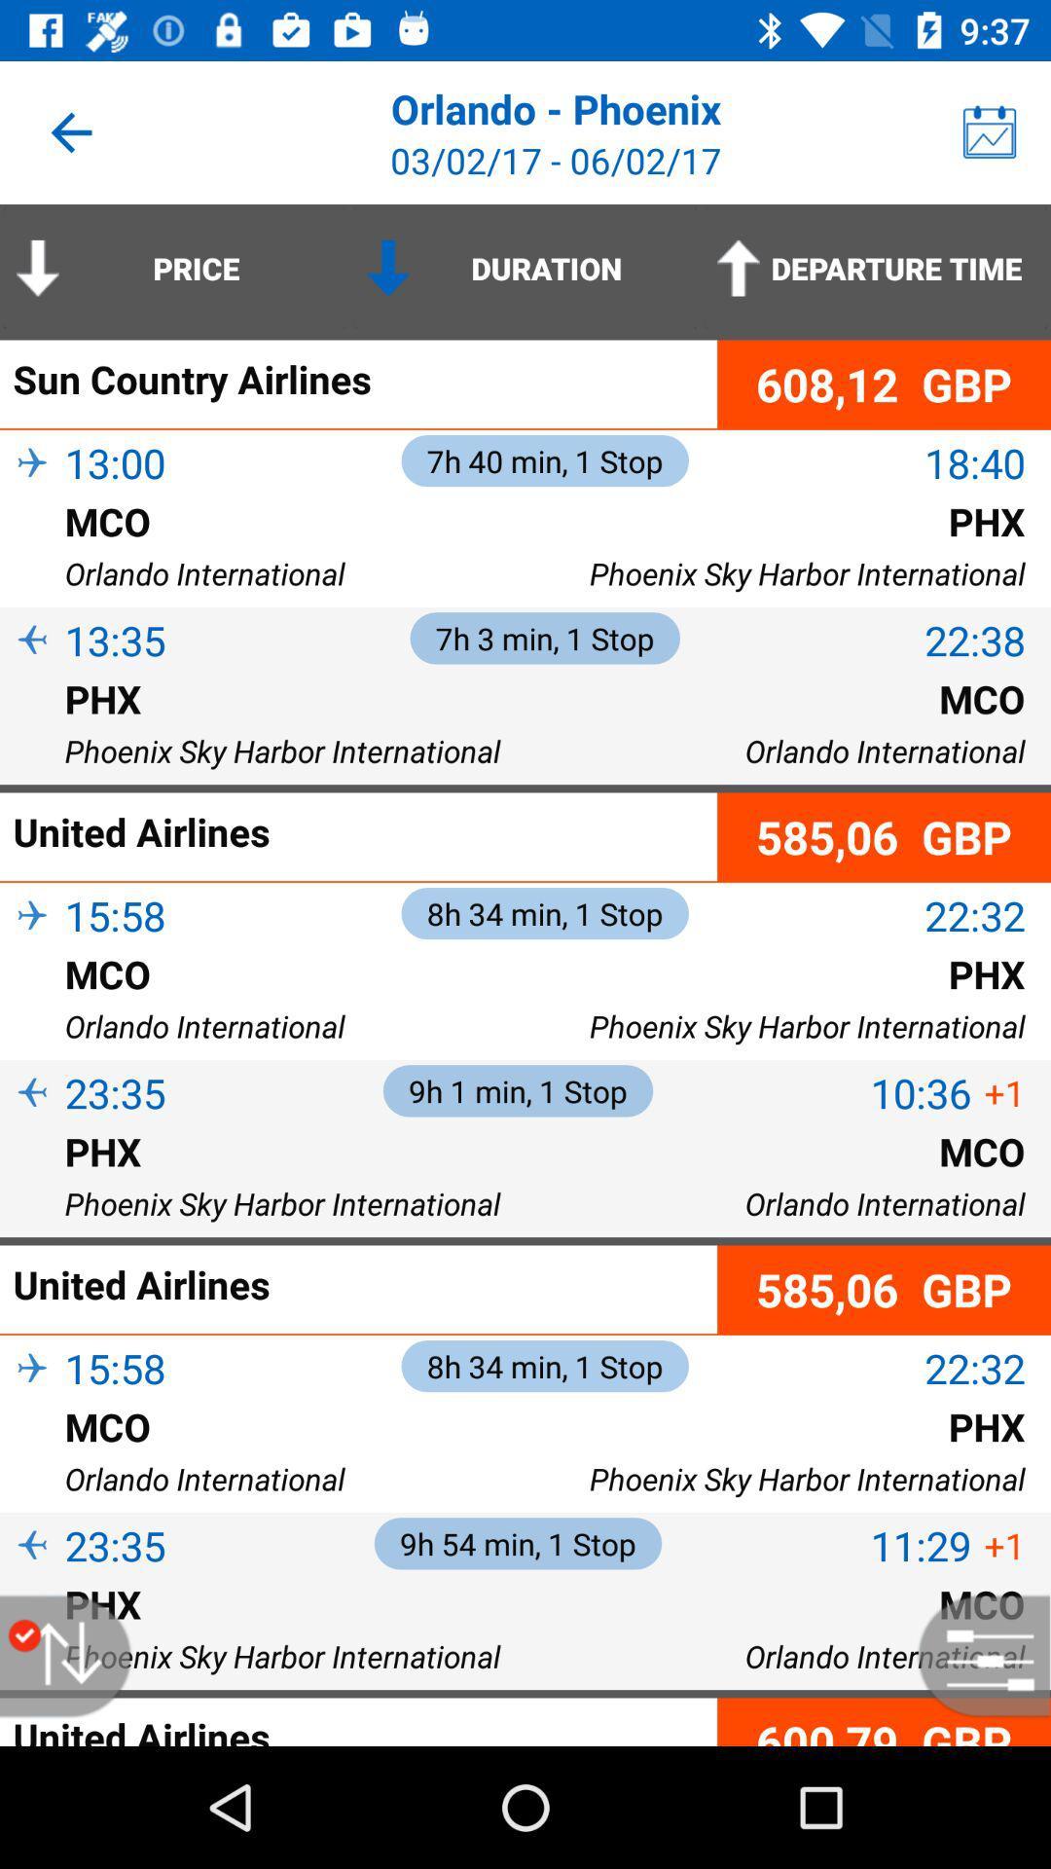 The image size is (1051, 1869). Describe the element at coordinates (32, 729) in the screenshot. I see `icon above phoenix sky harbor icon` at that location.